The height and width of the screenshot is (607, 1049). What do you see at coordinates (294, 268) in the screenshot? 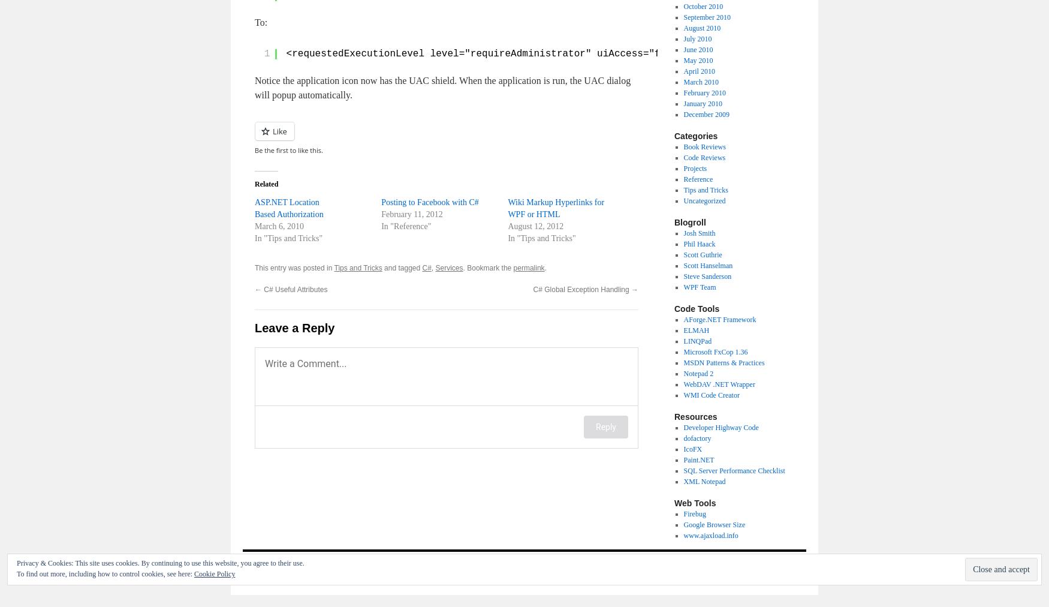
I see `'This entry was posted in'` at bounding box center [294, 268].